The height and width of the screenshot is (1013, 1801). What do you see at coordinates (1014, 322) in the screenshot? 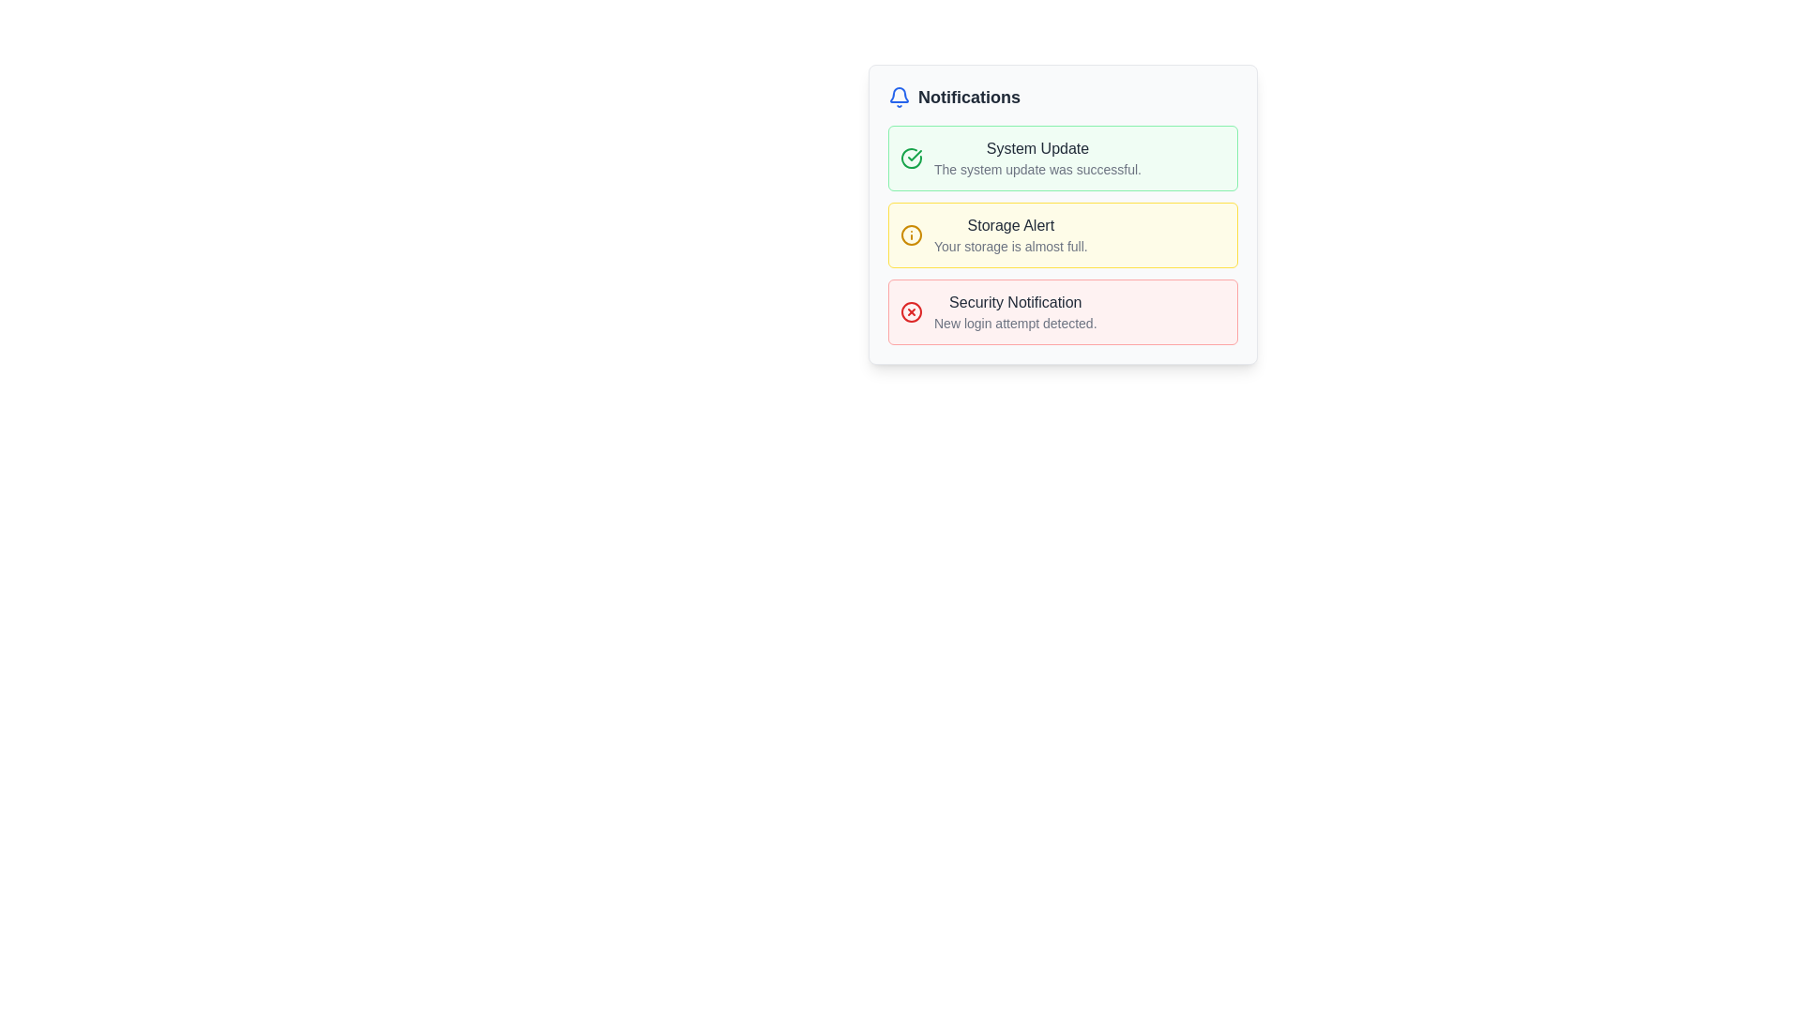
I see `text content of the text label that says 'New login attempt detected.' which is styled in gray and located within the notification box below the heading 'Security Notification'` at bounding box center [1014, 322].